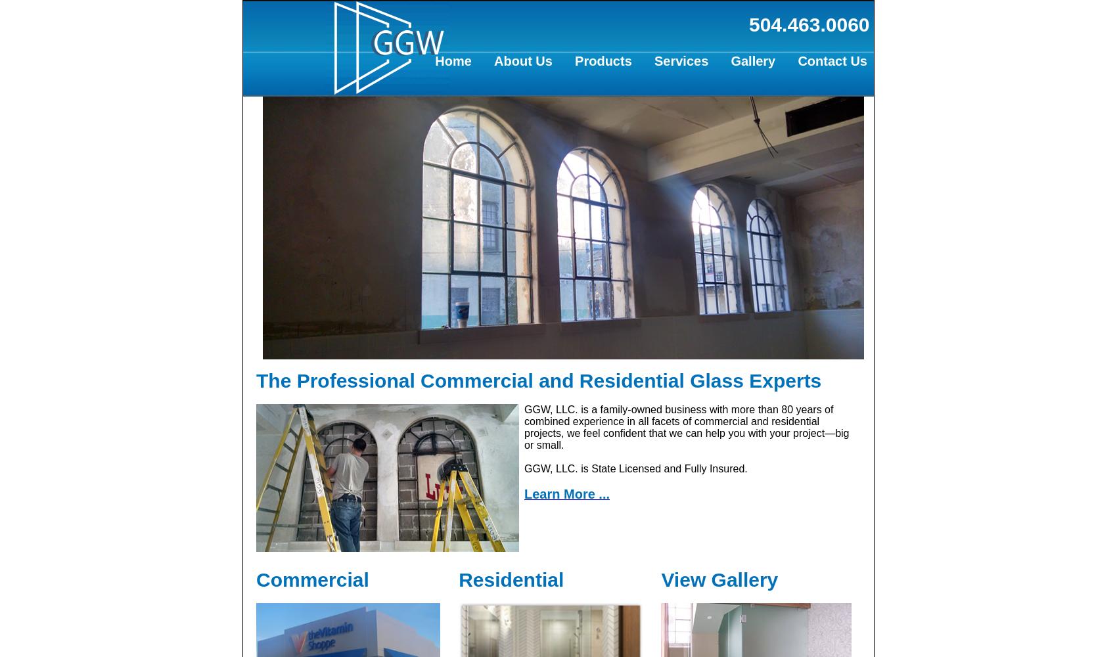 The width and height of the screenshot is (1117, 657). I want to click on 'GGW, LLC. is State Licensed and Fully Insured.', so click(635, 468).